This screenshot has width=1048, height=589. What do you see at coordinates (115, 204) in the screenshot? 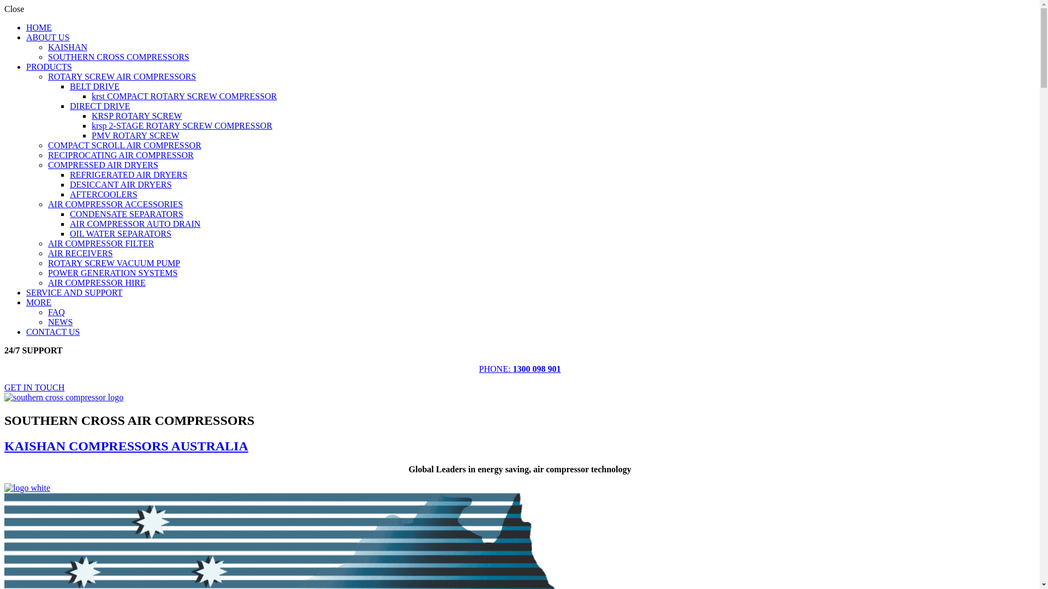
I see `'AIR COMPRESSOR ACCESSORIES'` at bounding box center [115, 204].